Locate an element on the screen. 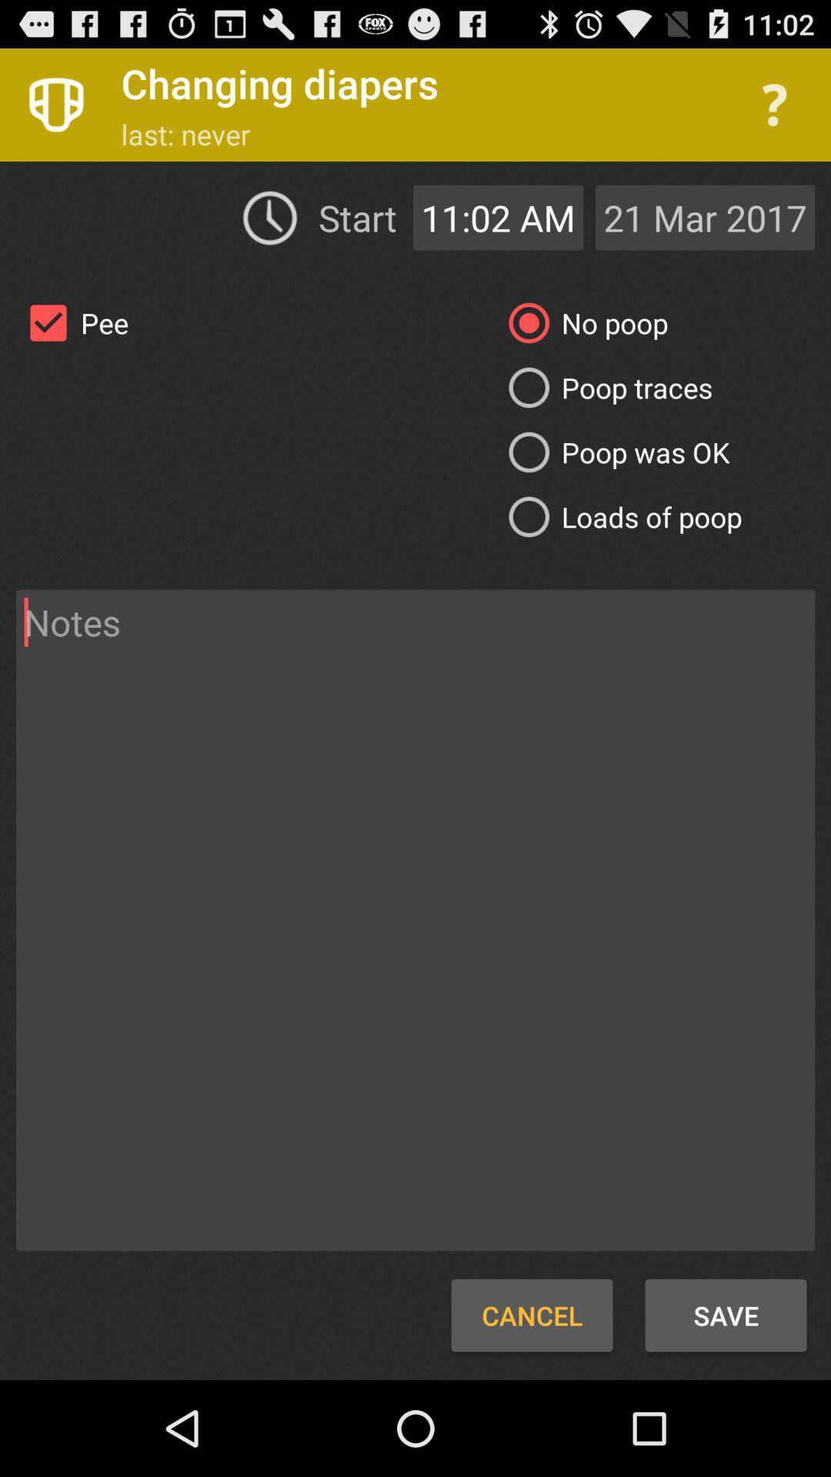 The height and width of the screenshot is (1477, 831). icon below the poop traces is located at coordinates (612, 452).